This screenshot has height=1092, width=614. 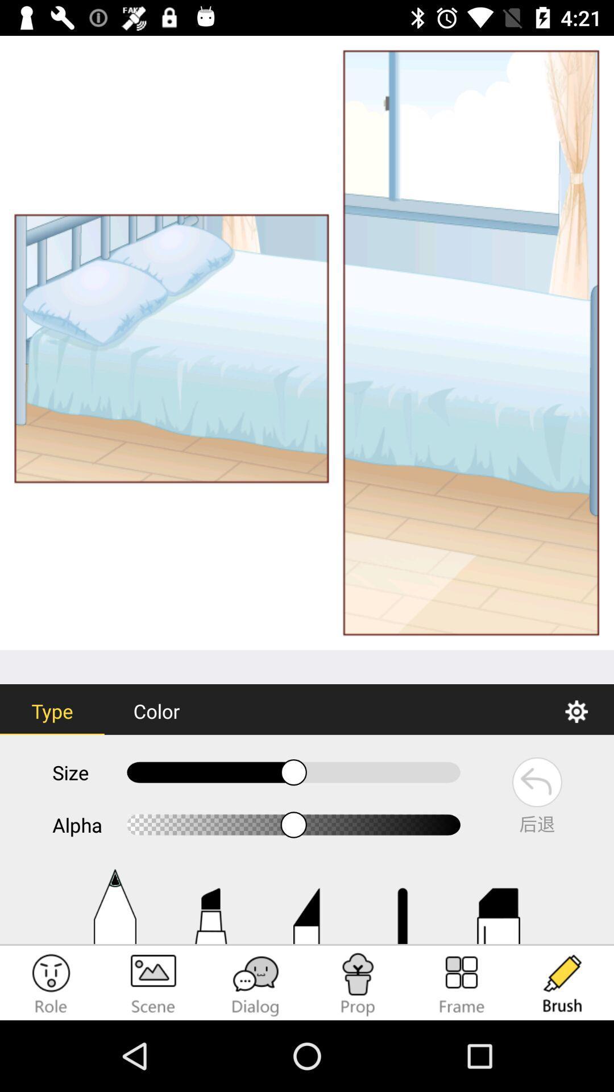 What do you see at coordinates (153, 984) in the screenshot?
I see `the wallpaper icon` at bounding box center [153, 984].